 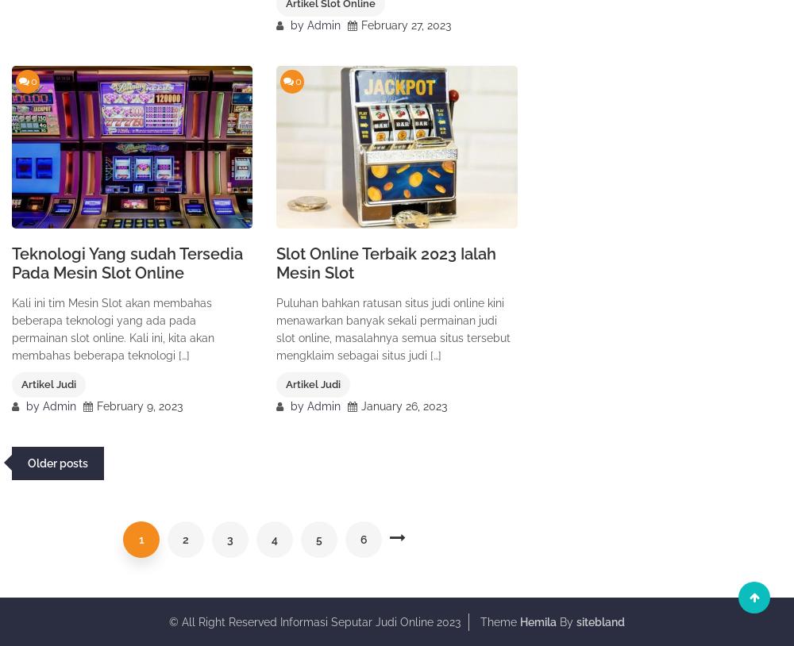 I want to click on '© All Right Reserved Informasi Seputar Judi Online 2023', so click(x=168, y=621).